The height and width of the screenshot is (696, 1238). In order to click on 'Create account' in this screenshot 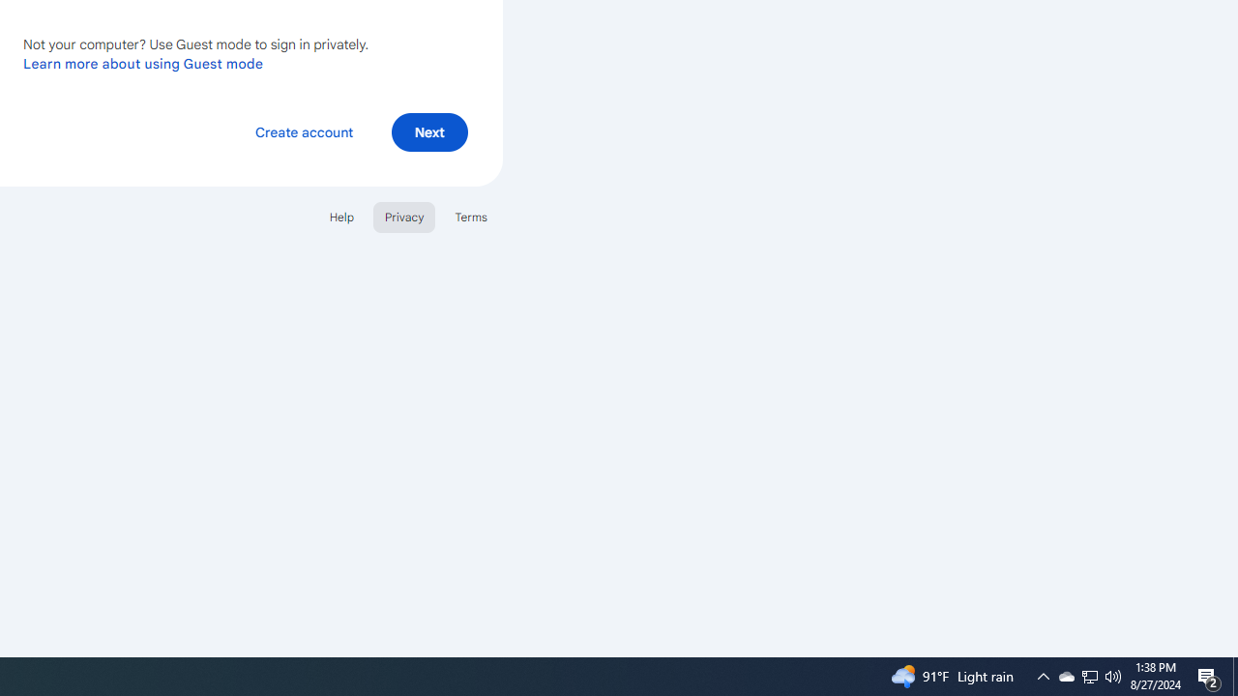, I will do `click(303, 130)`.